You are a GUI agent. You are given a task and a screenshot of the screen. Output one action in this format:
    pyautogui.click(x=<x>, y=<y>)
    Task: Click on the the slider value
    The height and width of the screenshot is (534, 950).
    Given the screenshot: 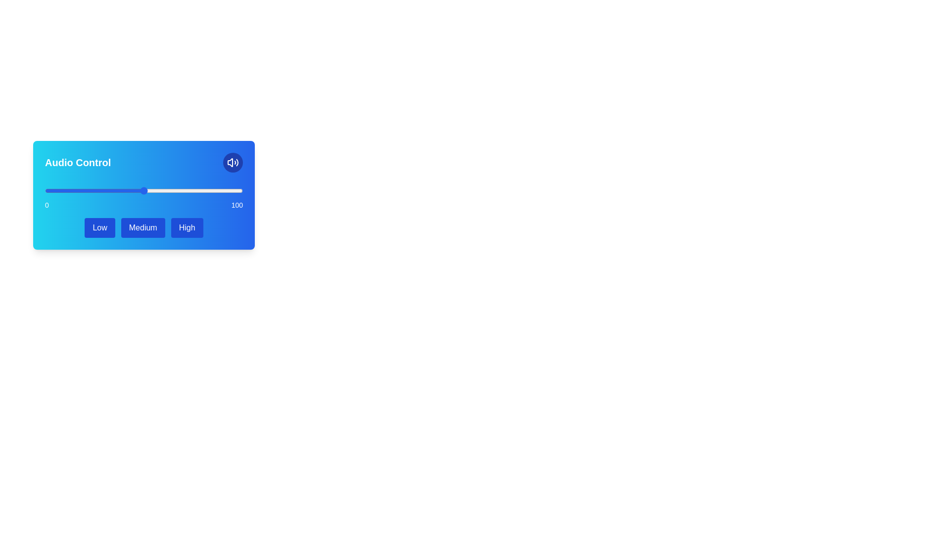 What is the action you would take?
    pyautogui.click(x=54, y=190)
    